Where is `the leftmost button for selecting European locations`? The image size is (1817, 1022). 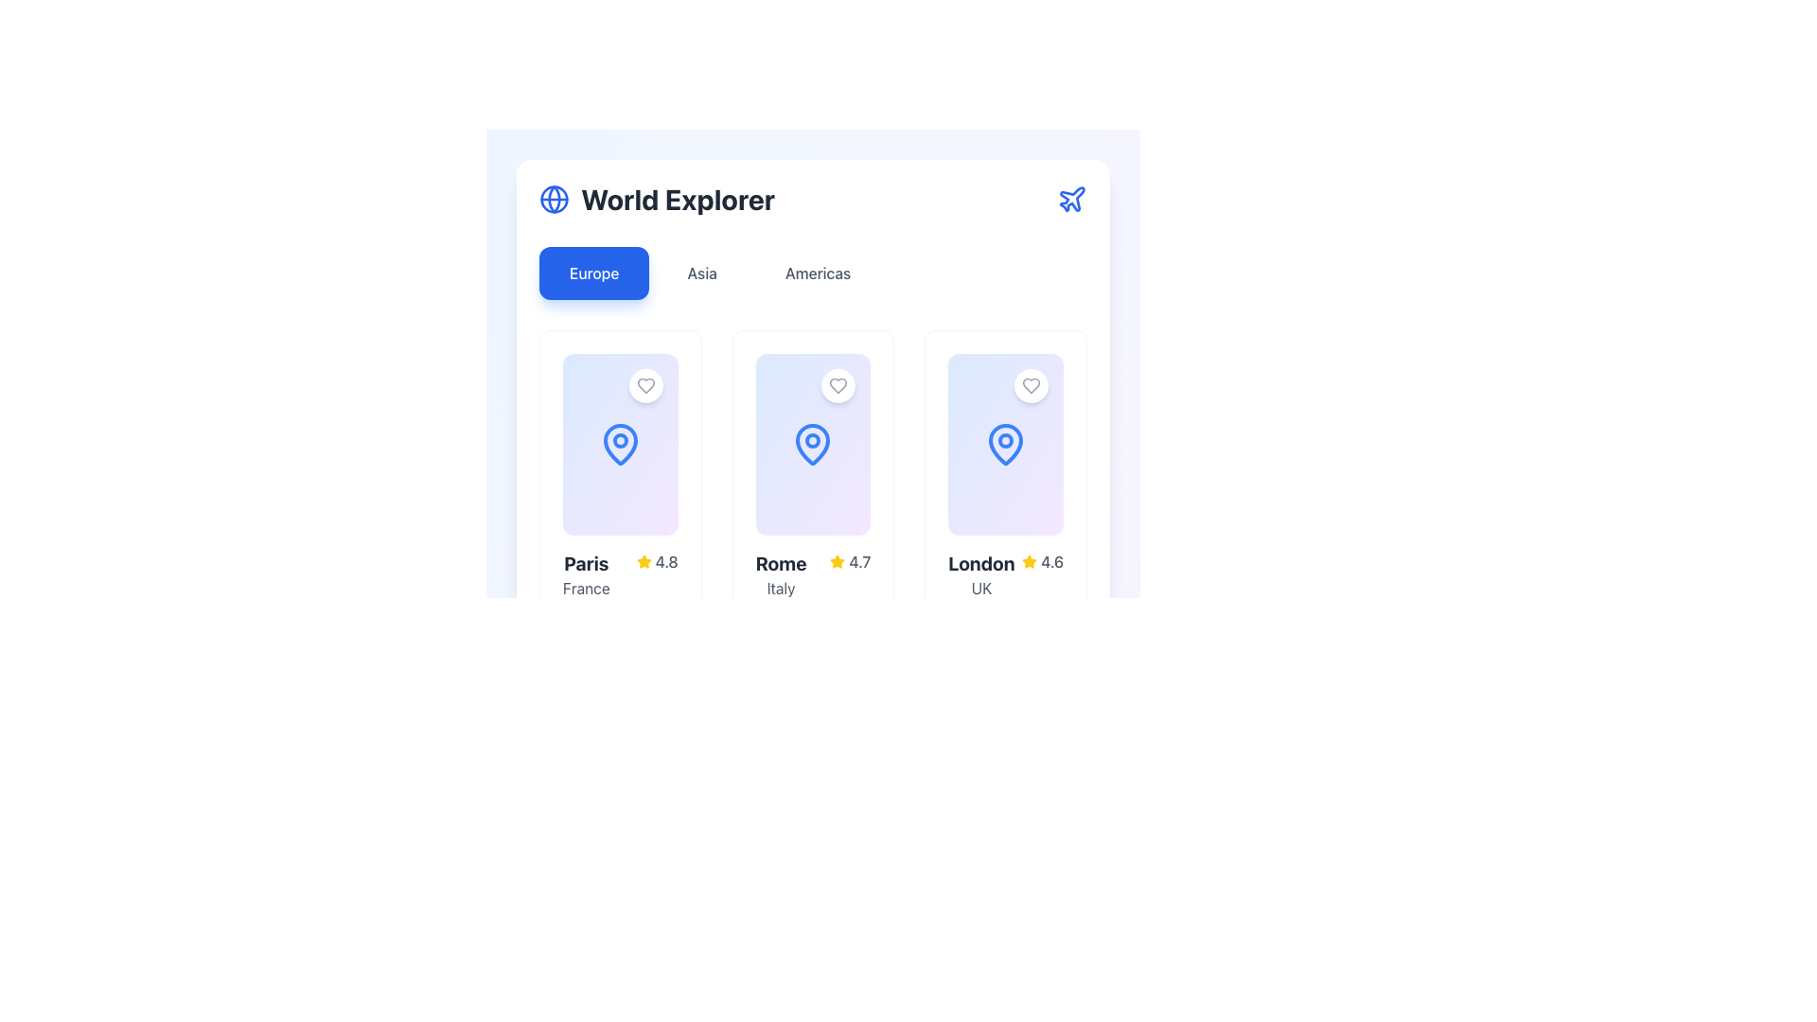
the leftmost button for selecting European locations is located at coordinates (593, 273).